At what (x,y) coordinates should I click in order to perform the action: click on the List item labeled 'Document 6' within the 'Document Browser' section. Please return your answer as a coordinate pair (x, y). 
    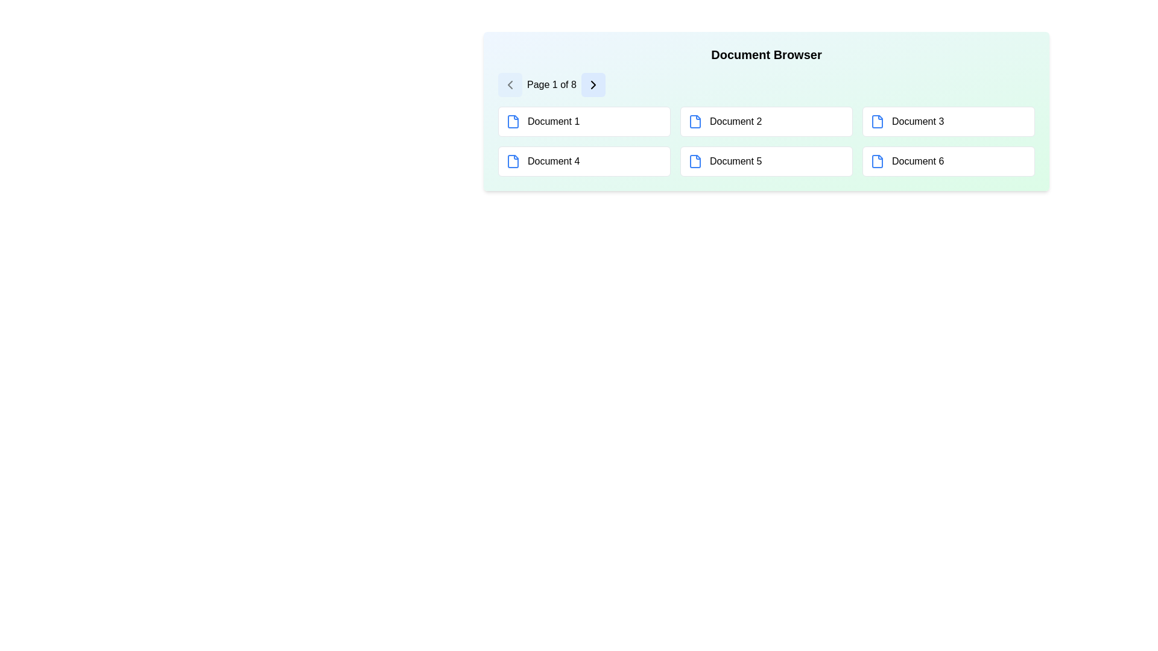
    Looking at the image, I should click on (948, 160).